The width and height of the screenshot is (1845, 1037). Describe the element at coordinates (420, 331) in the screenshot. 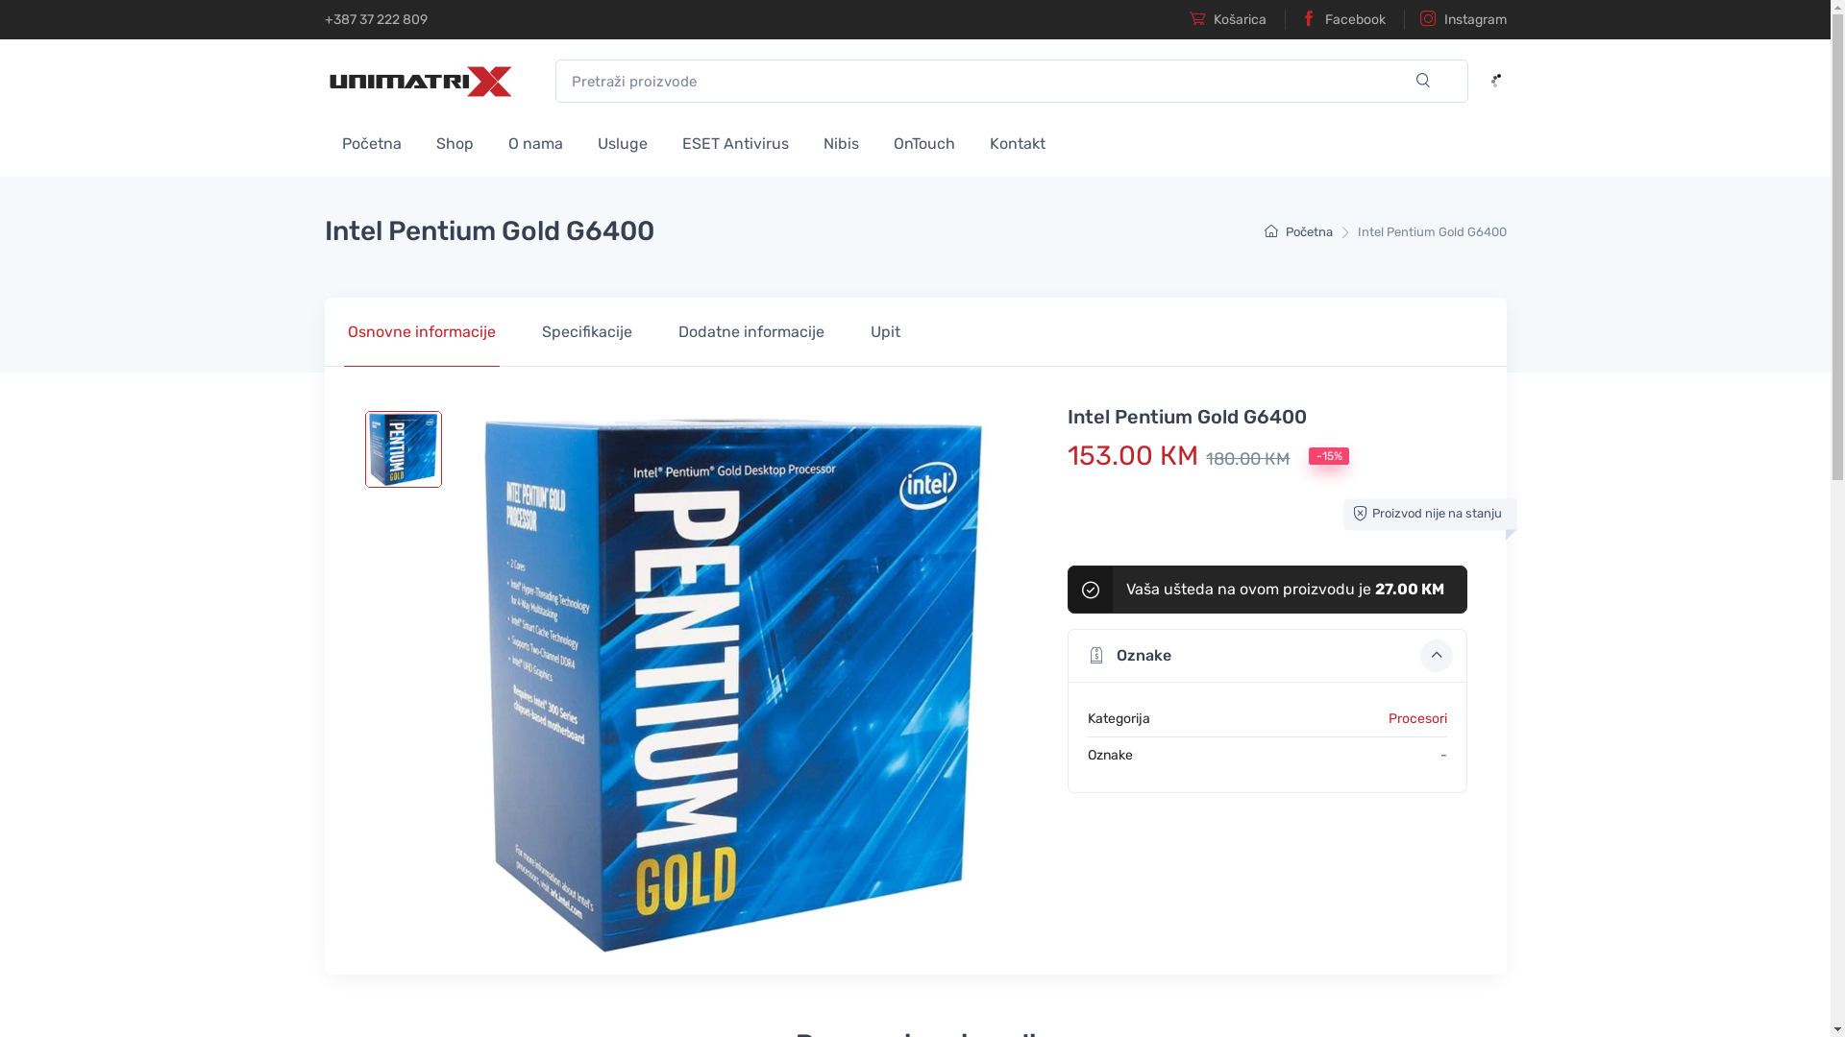

I see `'Osnovne informacije'` at that location.